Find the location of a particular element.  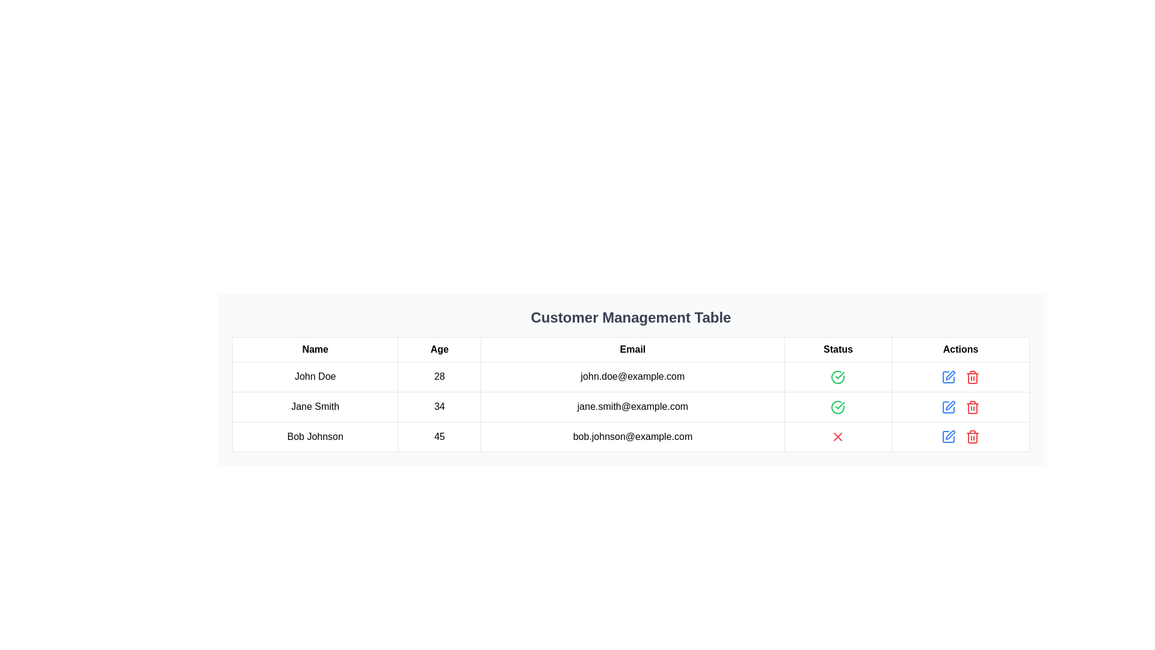

the icon button resembling a pen in the 'Actions' column of the third row is located at coordinates (948, 406).